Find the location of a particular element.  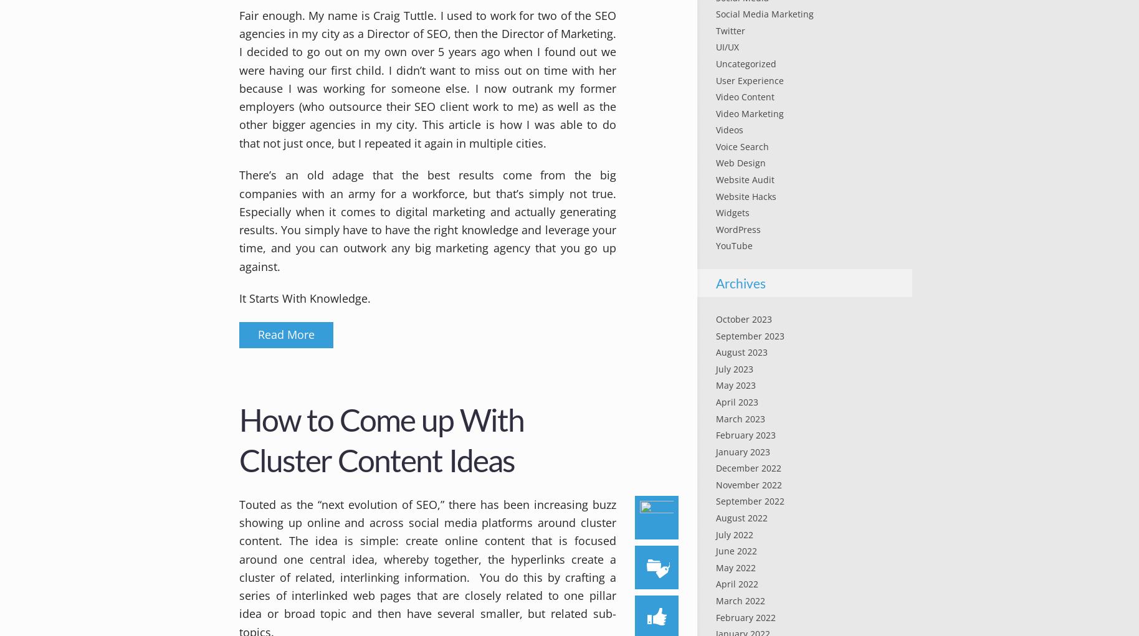

'Archives' is located at coordinates (740, 282).